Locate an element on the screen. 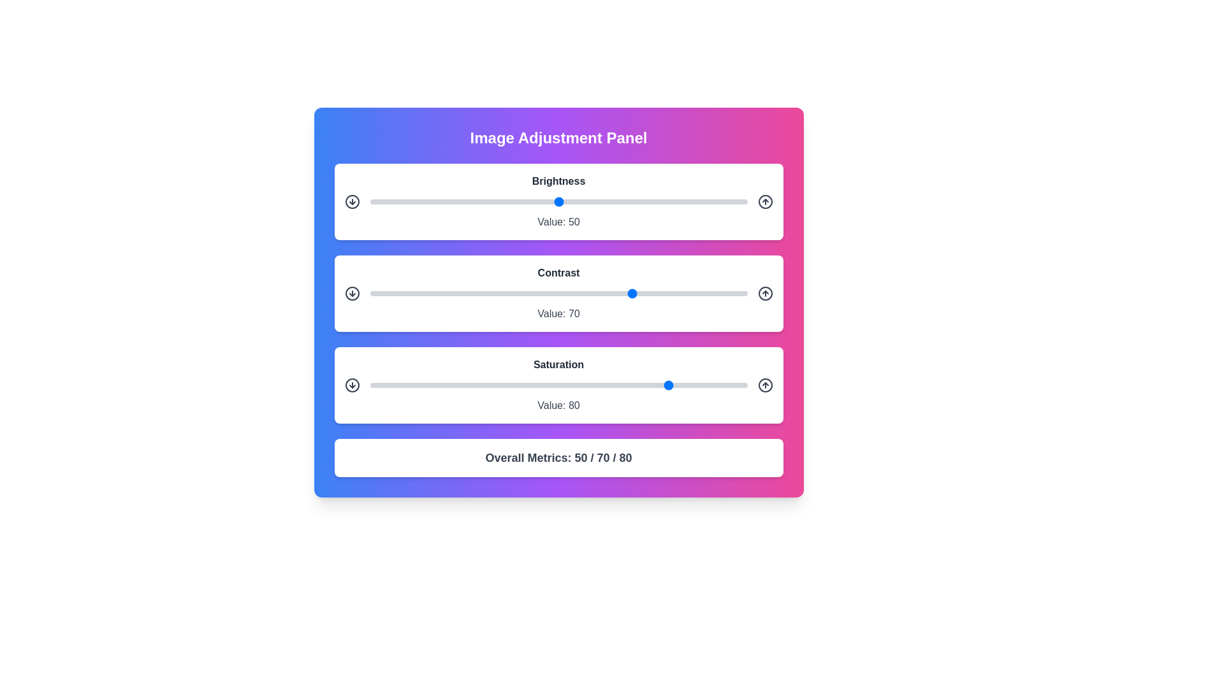  brightness is located at coordinates (739, 201).